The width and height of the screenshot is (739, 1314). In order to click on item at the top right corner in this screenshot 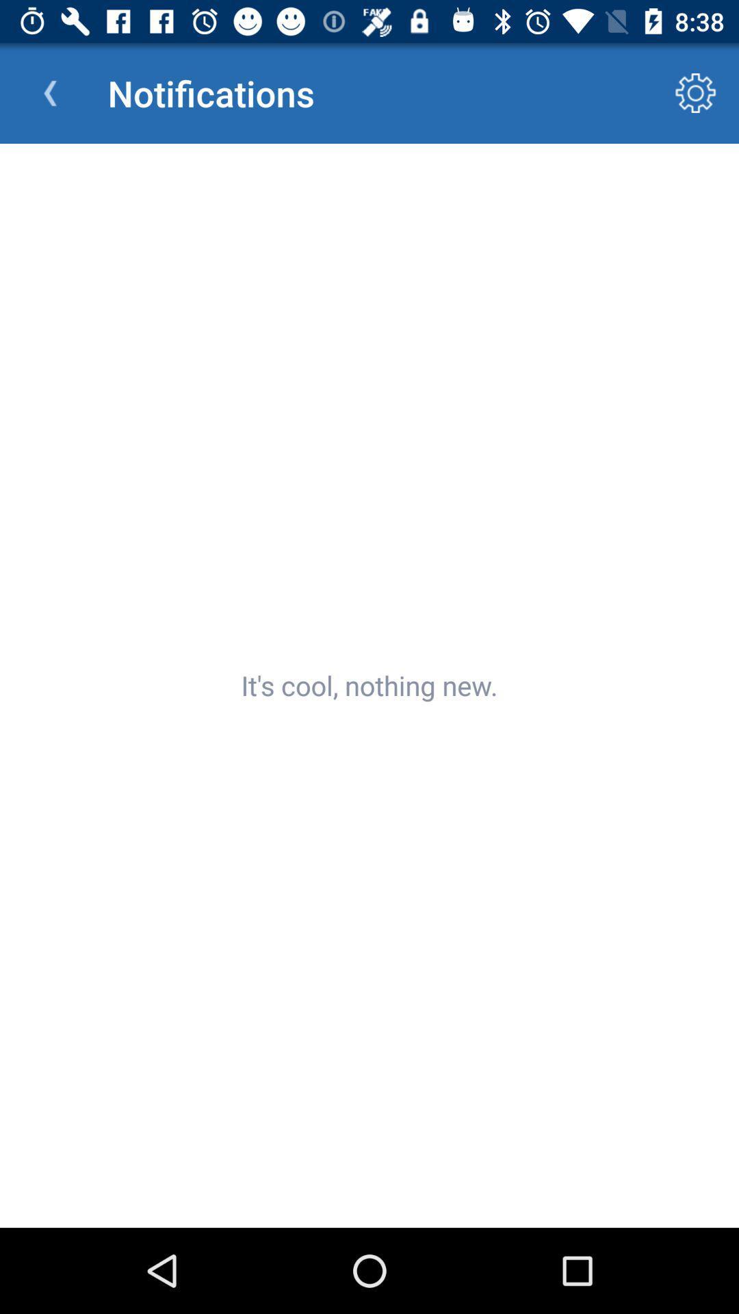, I will do `click(696, 92)`.